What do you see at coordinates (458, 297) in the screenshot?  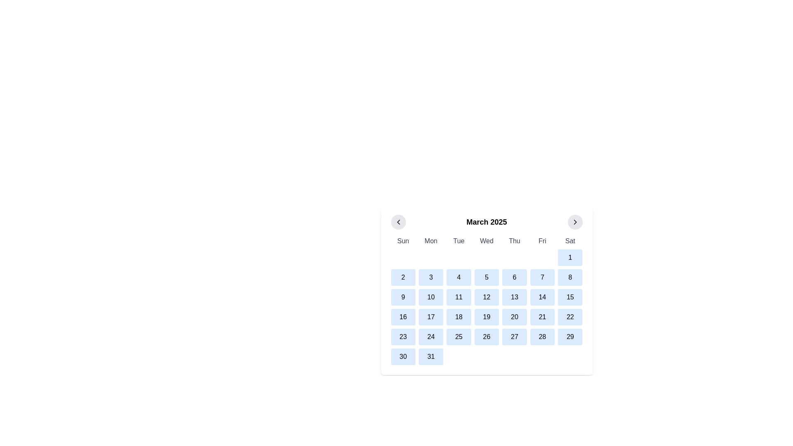 I see `the button representing the date '11' in the calendar view` at bounding box center [458, 297].